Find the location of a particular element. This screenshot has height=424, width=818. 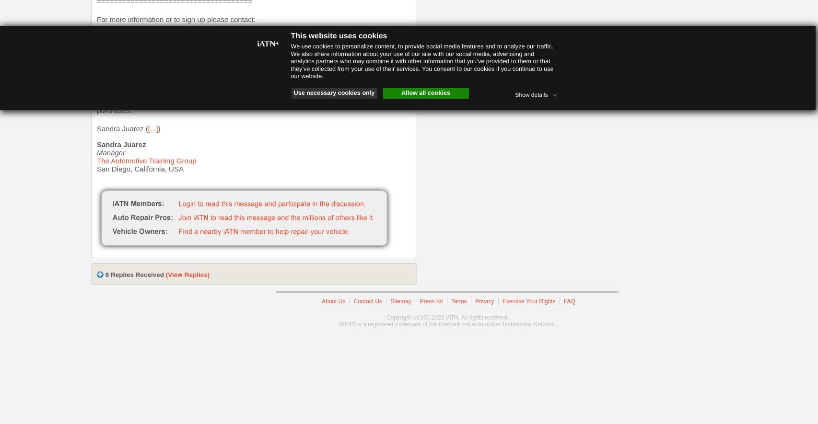

'Sandra Juarez: (800) 233-3182 ext. 119' is located at coordinates (161, 37).